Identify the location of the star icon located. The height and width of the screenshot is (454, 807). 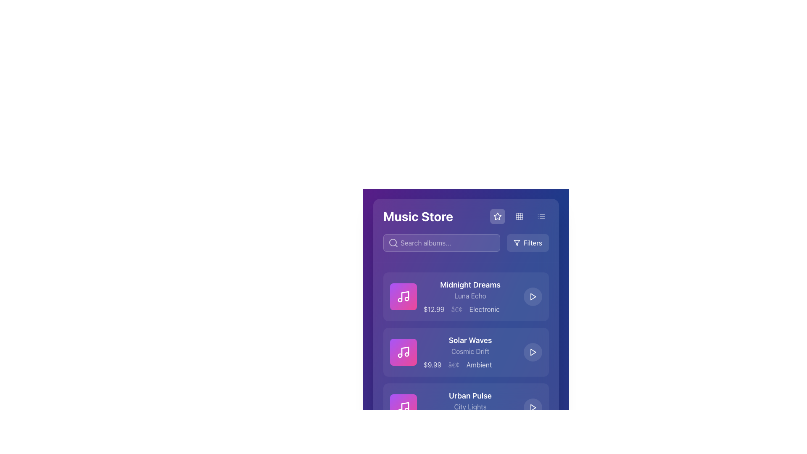
(498, 216).